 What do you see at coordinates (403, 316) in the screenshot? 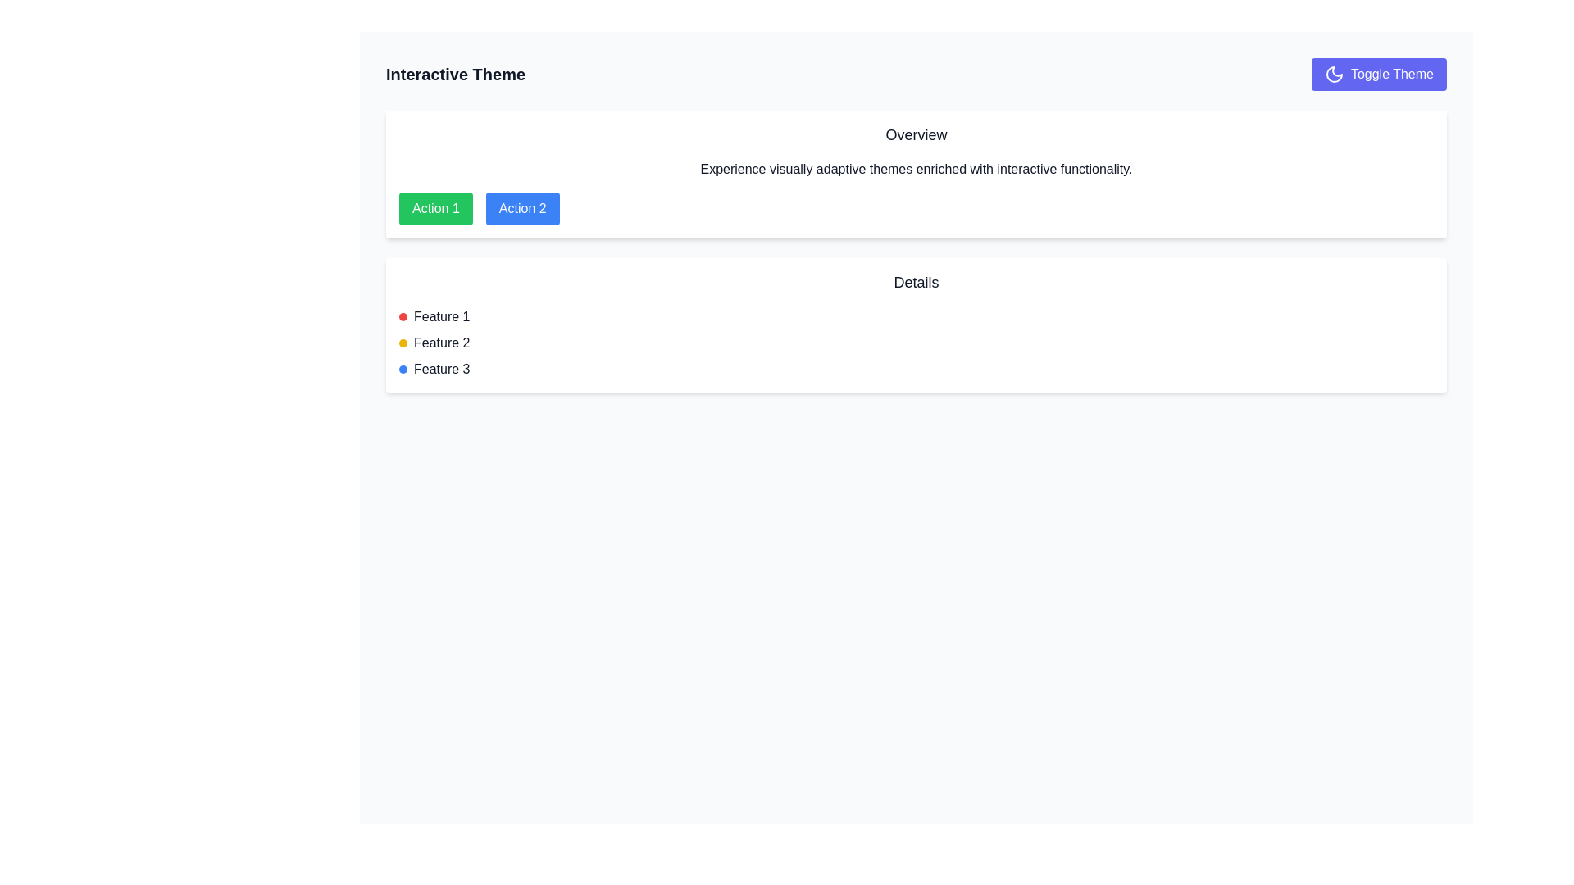
I see `the Colored Indicator Dot associated with 'Feature 1' in the 'Details' section` at bounding box center [403, 316].